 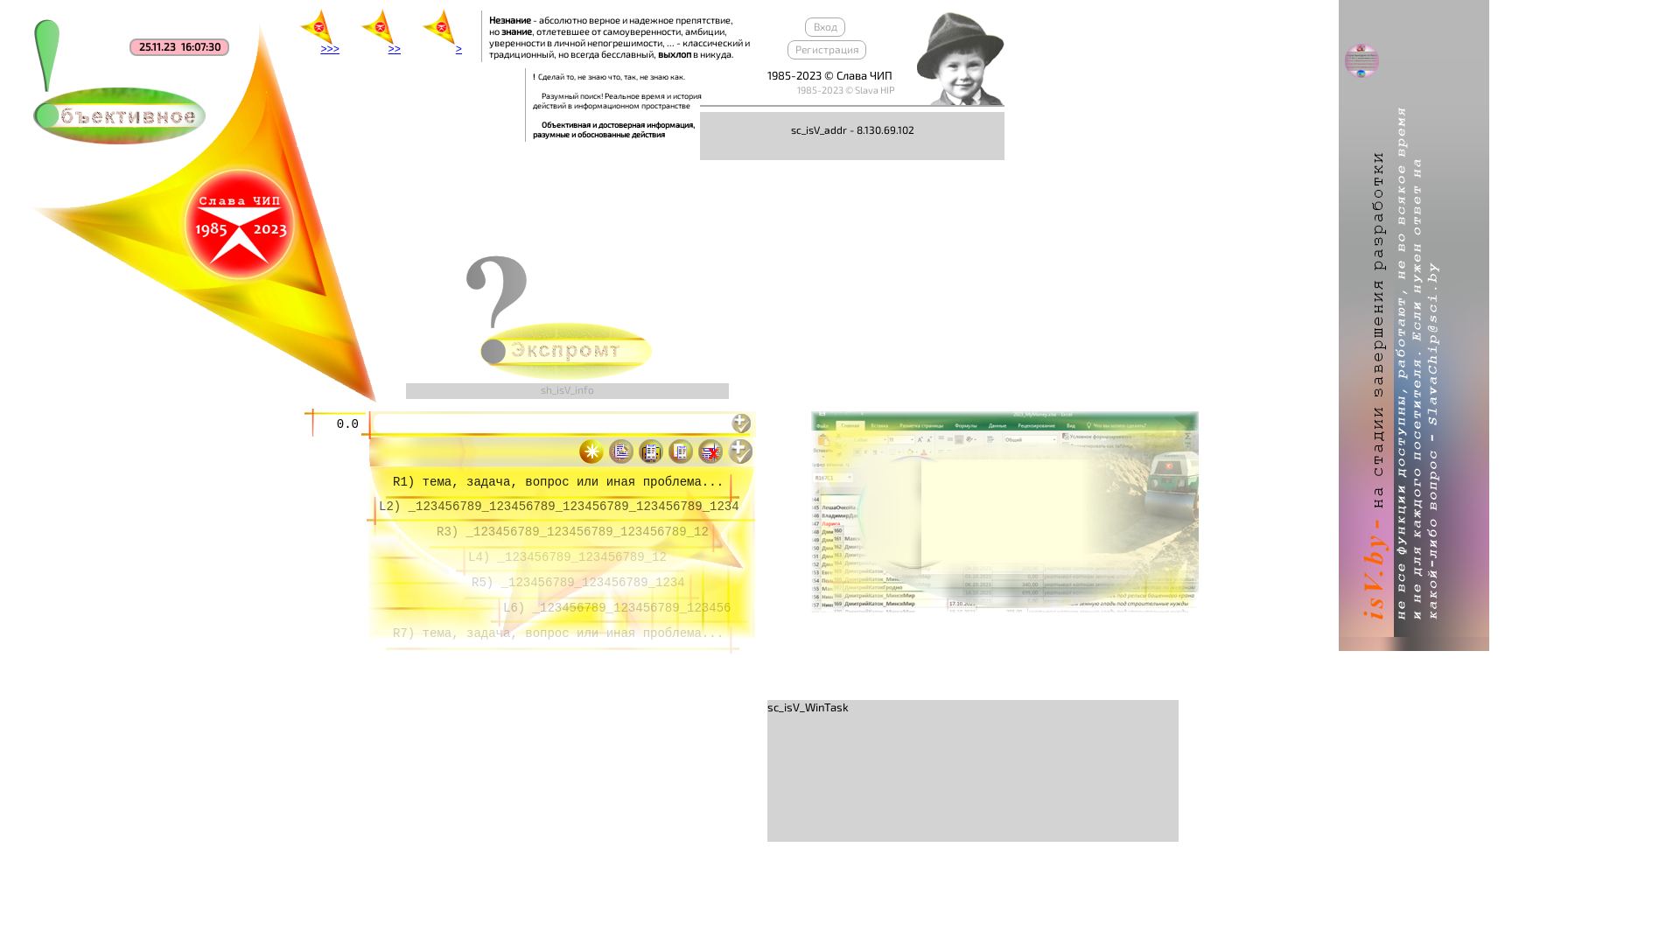 What do you see at coordinates (394, 66) in the screenshot?
I see `'>>'` at bounding box center [394, 66].